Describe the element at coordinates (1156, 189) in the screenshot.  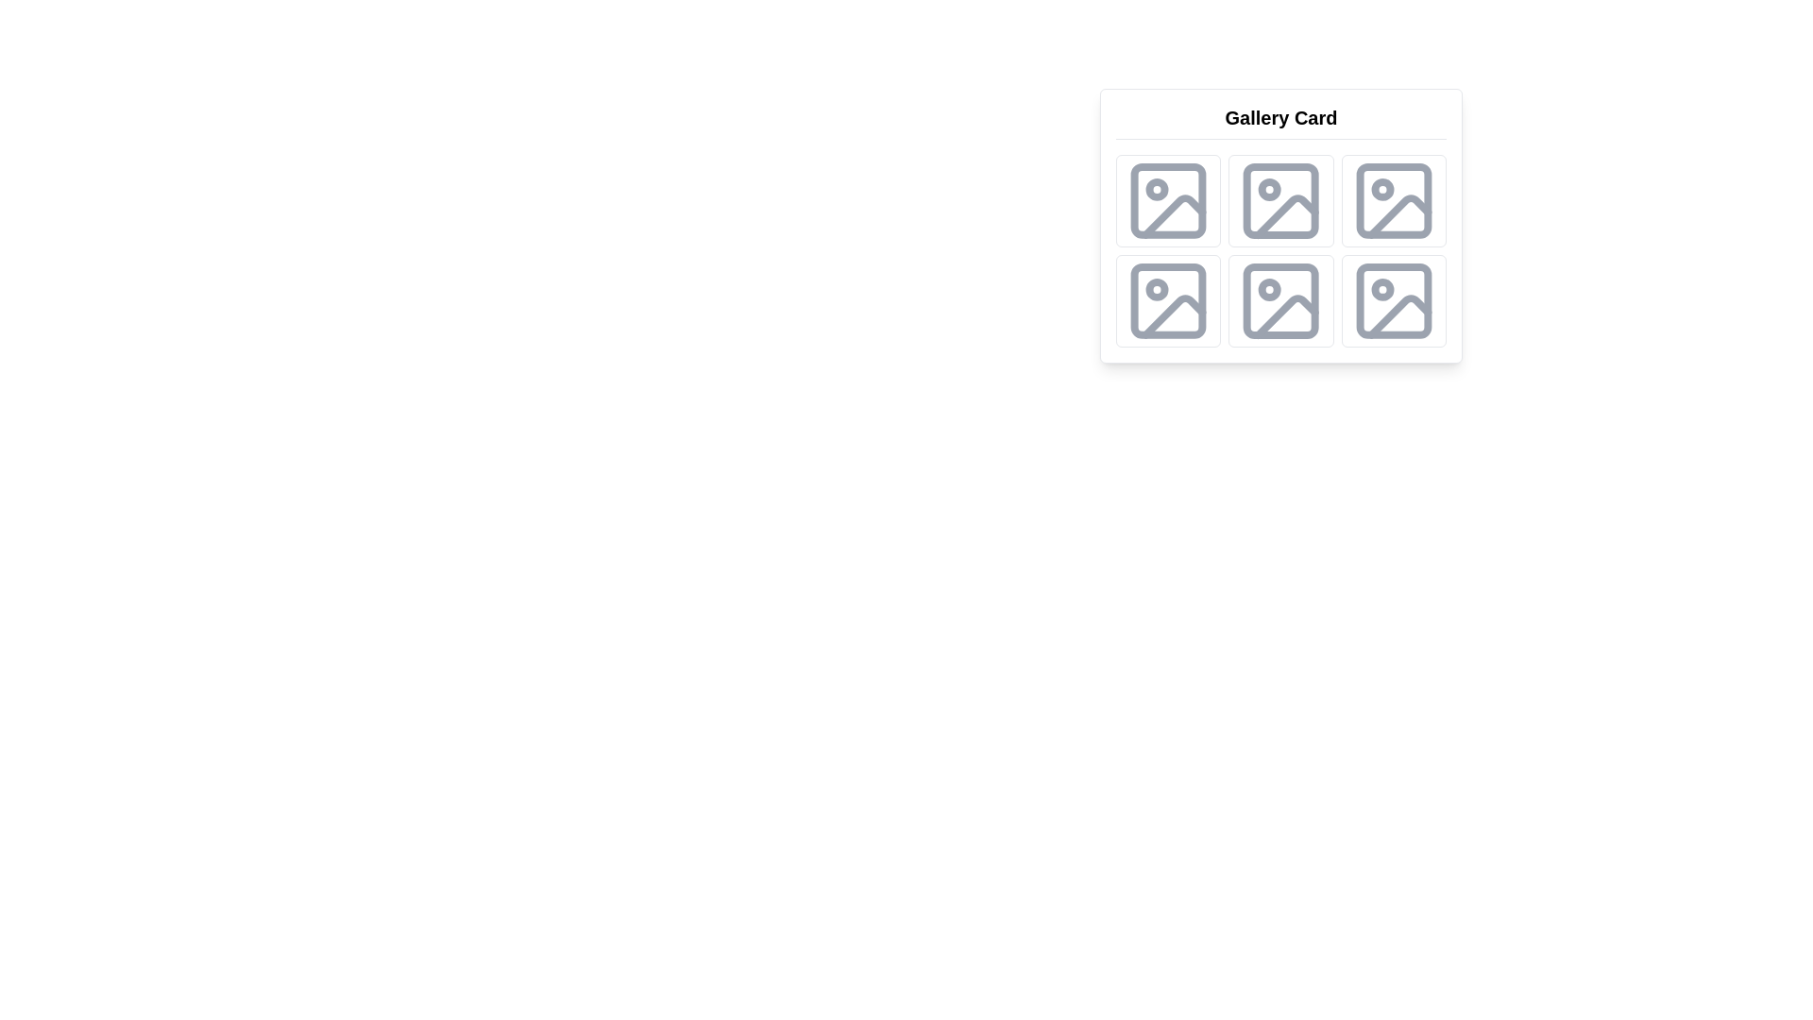
I see `the small circle element within the first icon of the Gallery Card, located in the top-left corner of the icon, which serves a decorative or functional role` at that location.